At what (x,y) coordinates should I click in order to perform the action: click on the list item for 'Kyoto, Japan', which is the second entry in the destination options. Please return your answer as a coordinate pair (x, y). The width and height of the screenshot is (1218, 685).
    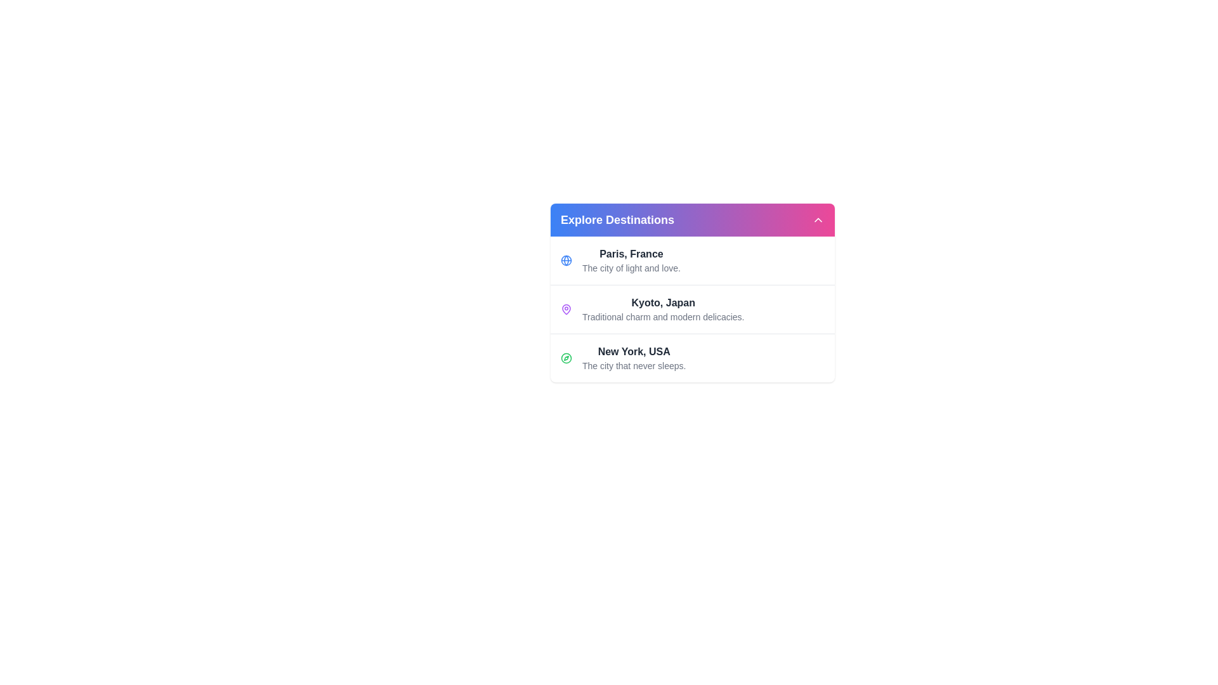
    Looking at the image, I should click on (691, 309).